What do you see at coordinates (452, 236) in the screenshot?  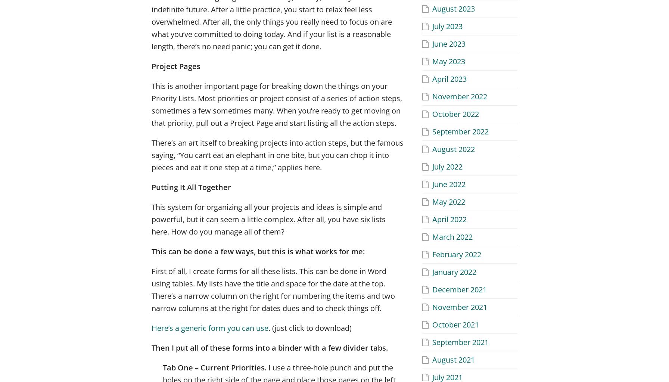 I see `'March 2022'` at bounding box center [452, 236].